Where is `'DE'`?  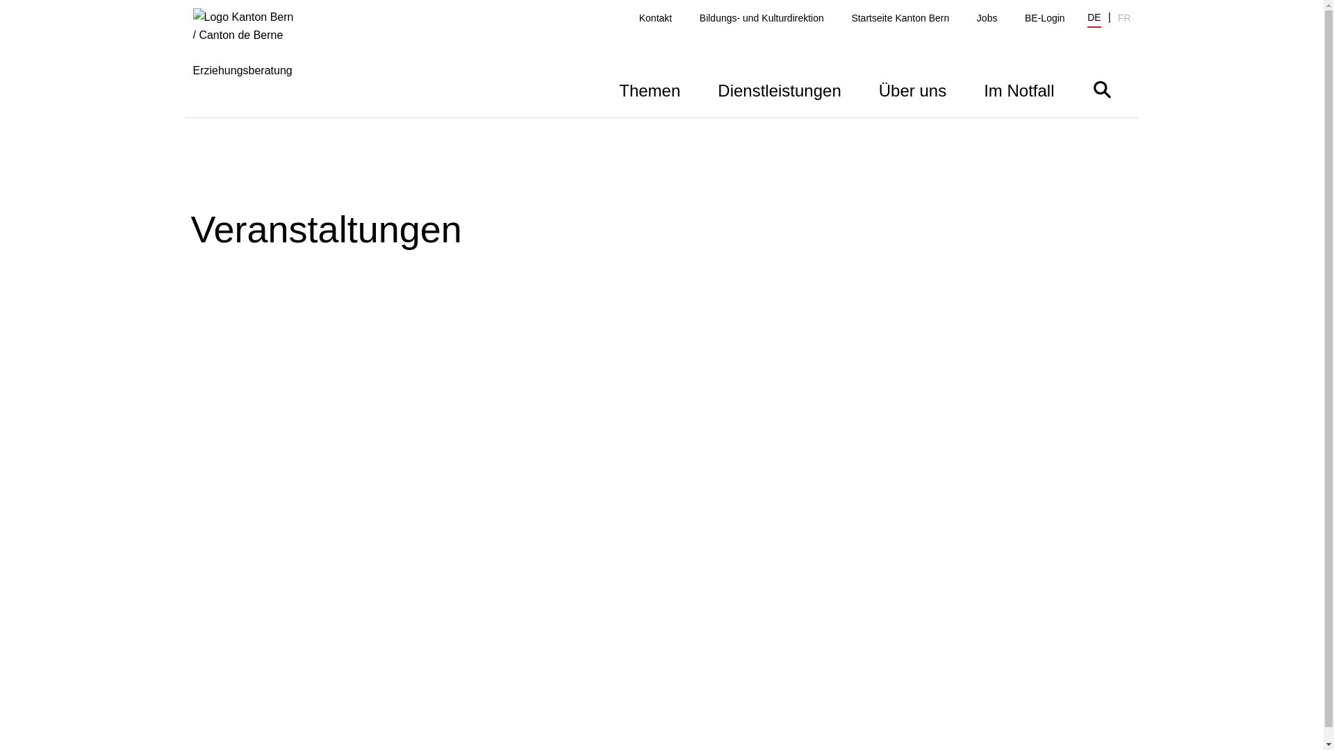
'DE' is located at coordinates (1093, 19).